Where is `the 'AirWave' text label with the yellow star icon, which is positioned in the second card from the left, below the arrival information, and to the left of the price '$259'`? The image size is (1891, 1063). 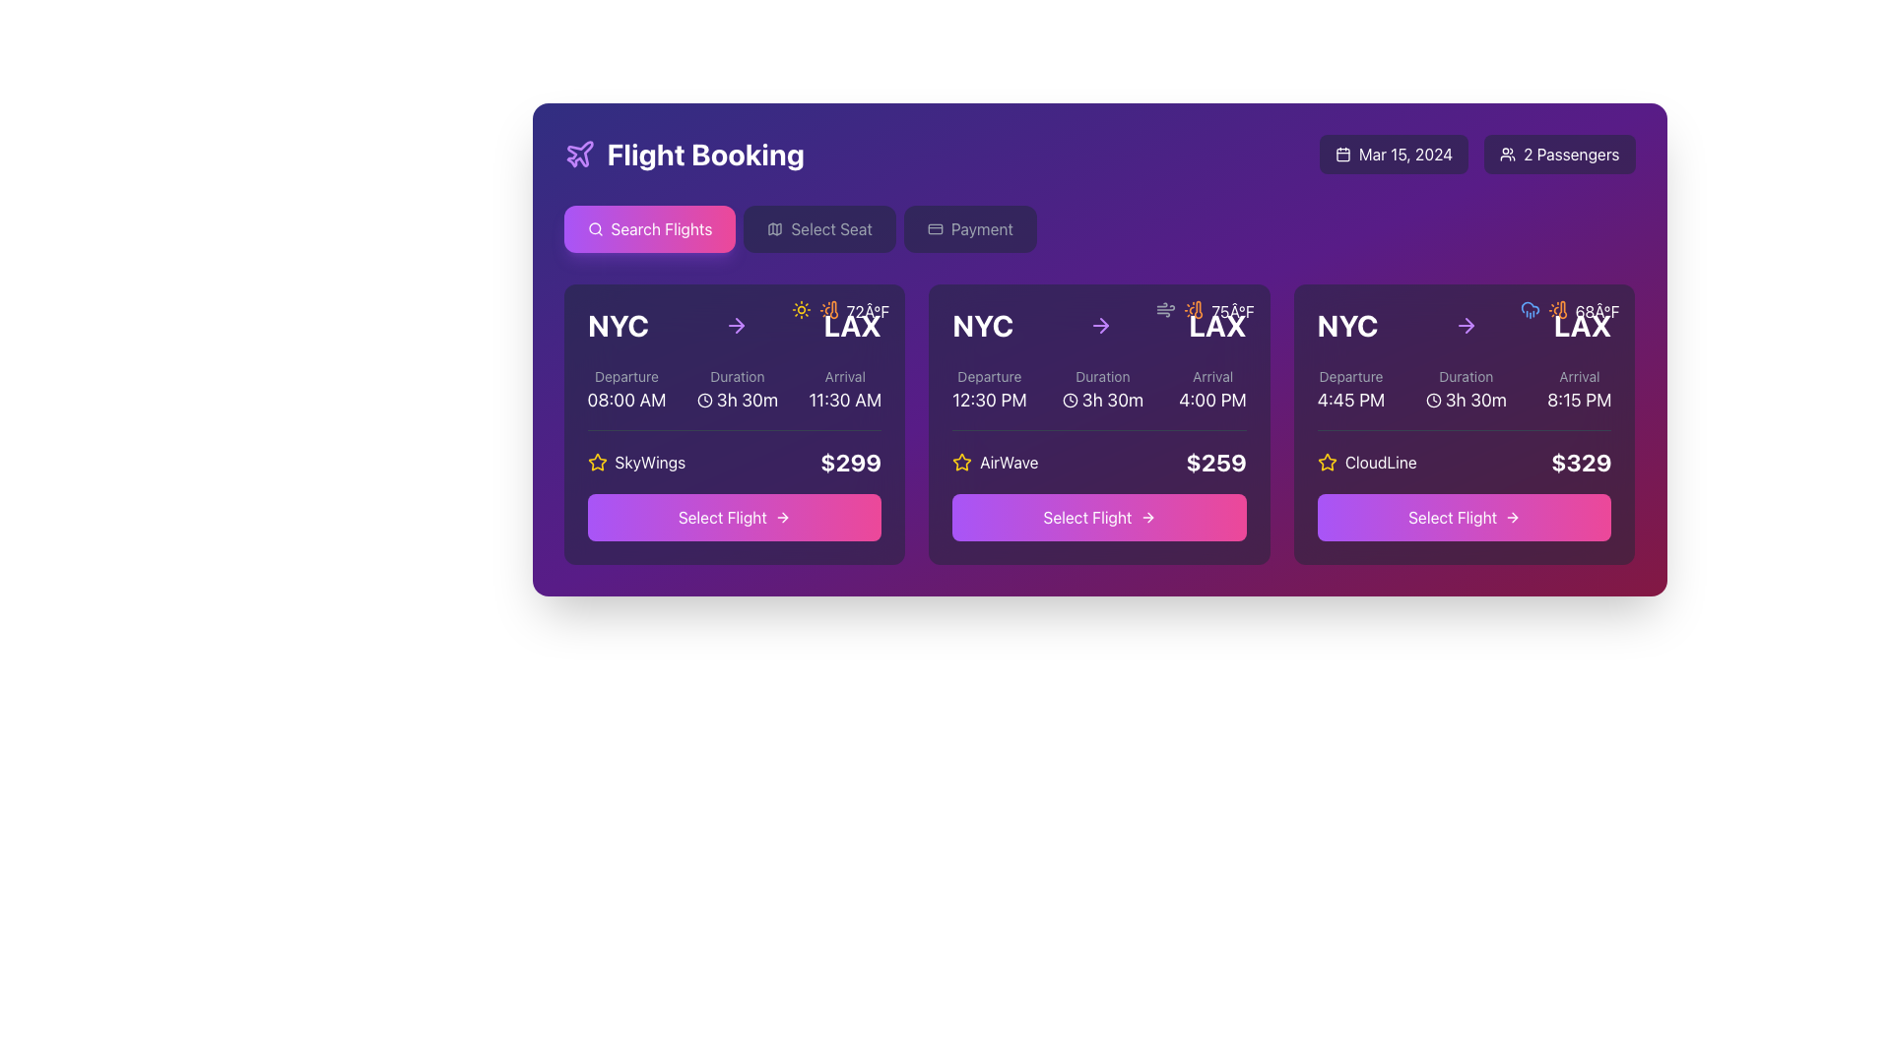 the 'AirWave' text label with the yellow star icon, which is positioned in the second card from the left, below the arrival information, and to the left of the price '$259' is located at coordinates (995, 463).